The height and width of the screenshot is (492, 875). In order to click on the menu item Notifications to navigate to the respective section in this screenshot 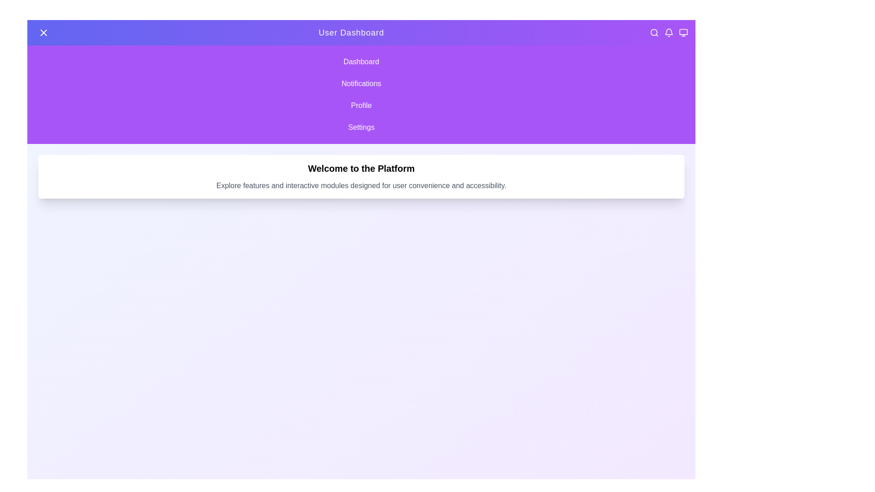, I will do `click(360, 84)`.